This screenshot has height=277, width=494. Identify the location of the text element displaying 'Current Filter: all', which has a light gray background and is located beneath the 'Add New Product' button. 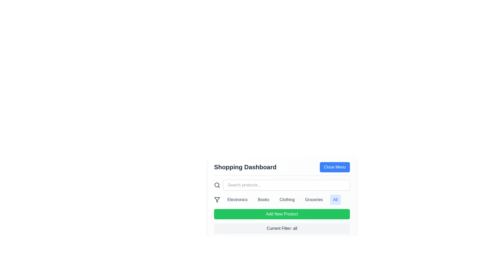
(281, 228).